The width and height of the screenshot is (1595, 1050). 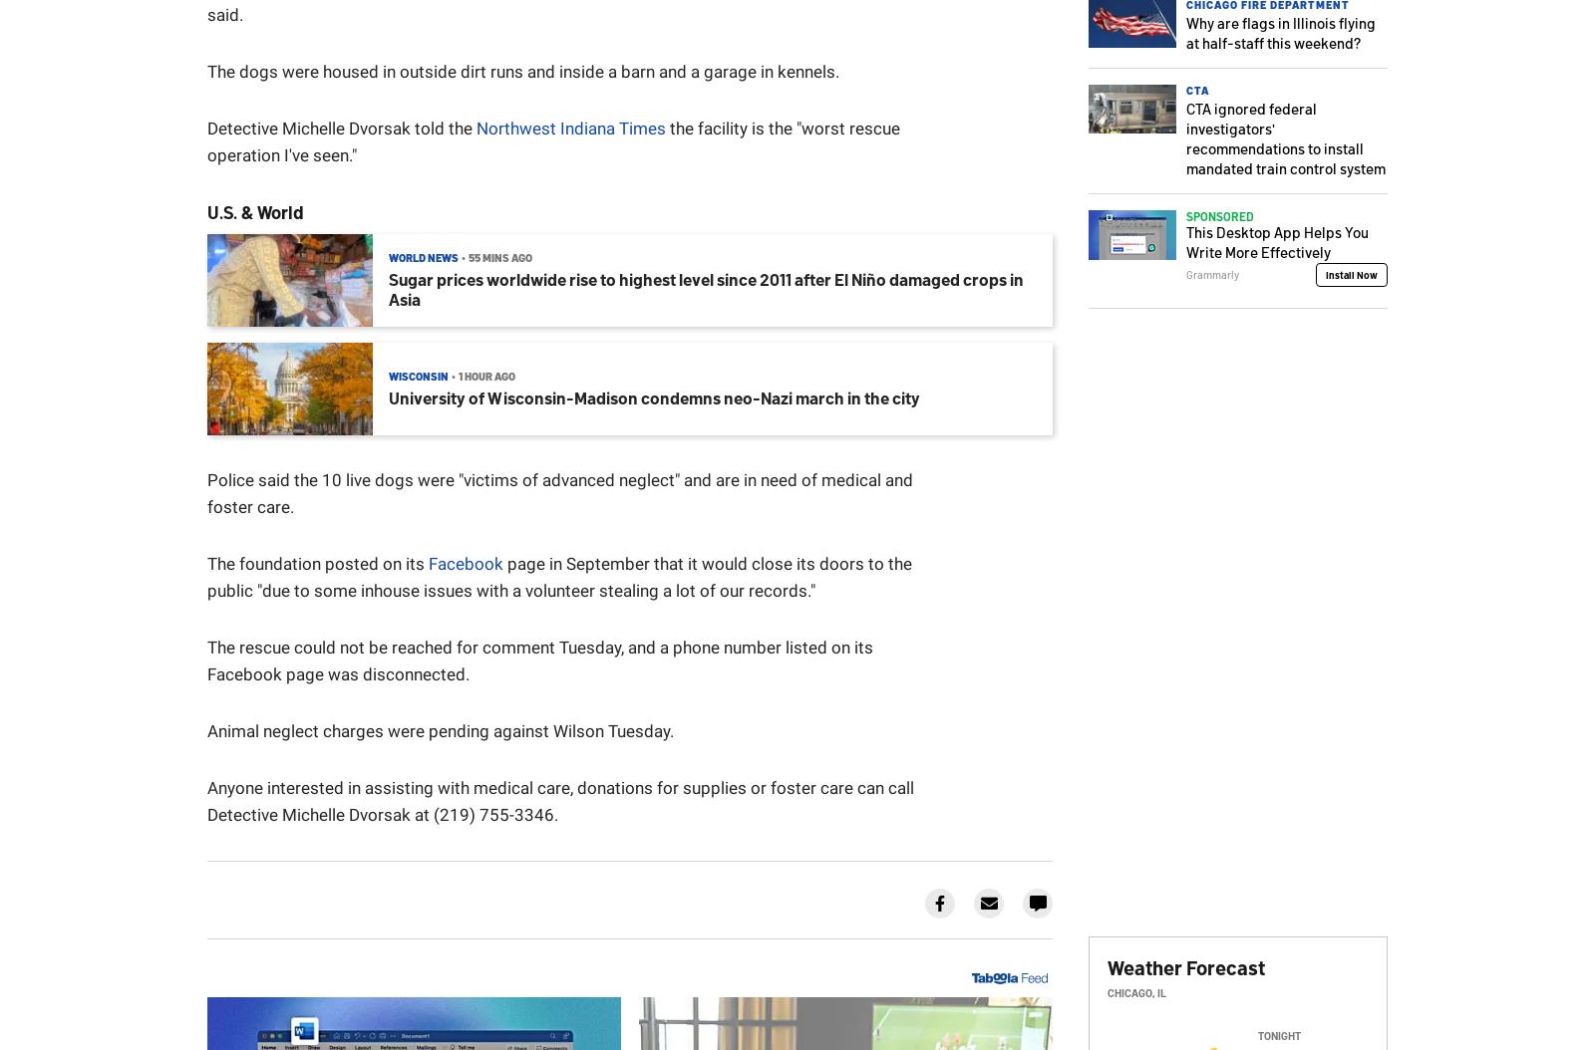 What do you see at coordinates (521, 70) in the screenshot?
I see `'The dogs were housed in outside dirt runs and inside a barn and a garage in kennels.'` at bounding box center [521, 70].